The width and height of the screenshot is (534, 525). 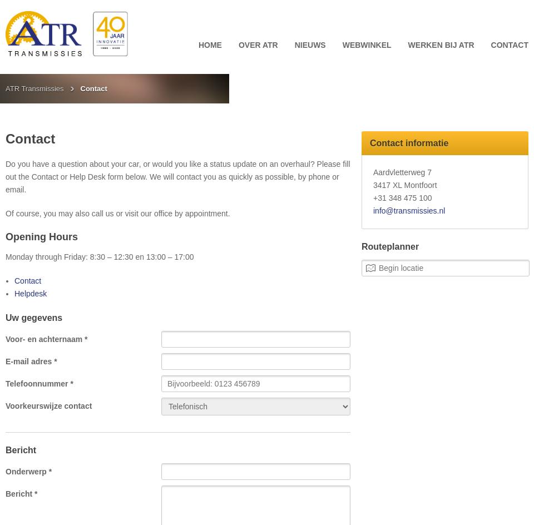 I want to click on 'Monday through Friday: 8:30 – 12:30 en 13:00 – 17:00', so click(x=99, y=256).